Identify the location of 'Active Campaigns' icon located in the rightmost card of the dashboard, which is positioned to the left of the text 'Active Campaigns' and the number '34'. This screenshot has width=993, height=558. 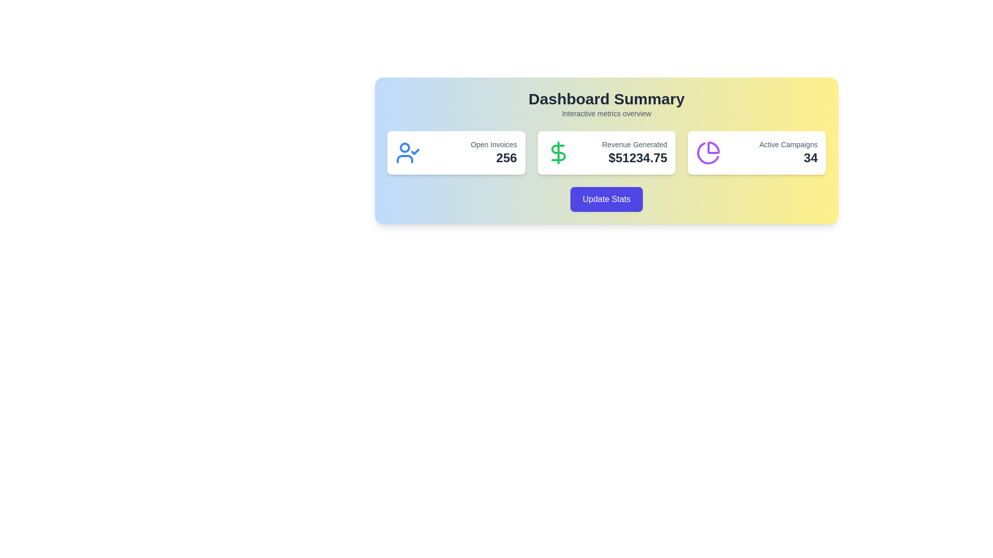
(708, 153).